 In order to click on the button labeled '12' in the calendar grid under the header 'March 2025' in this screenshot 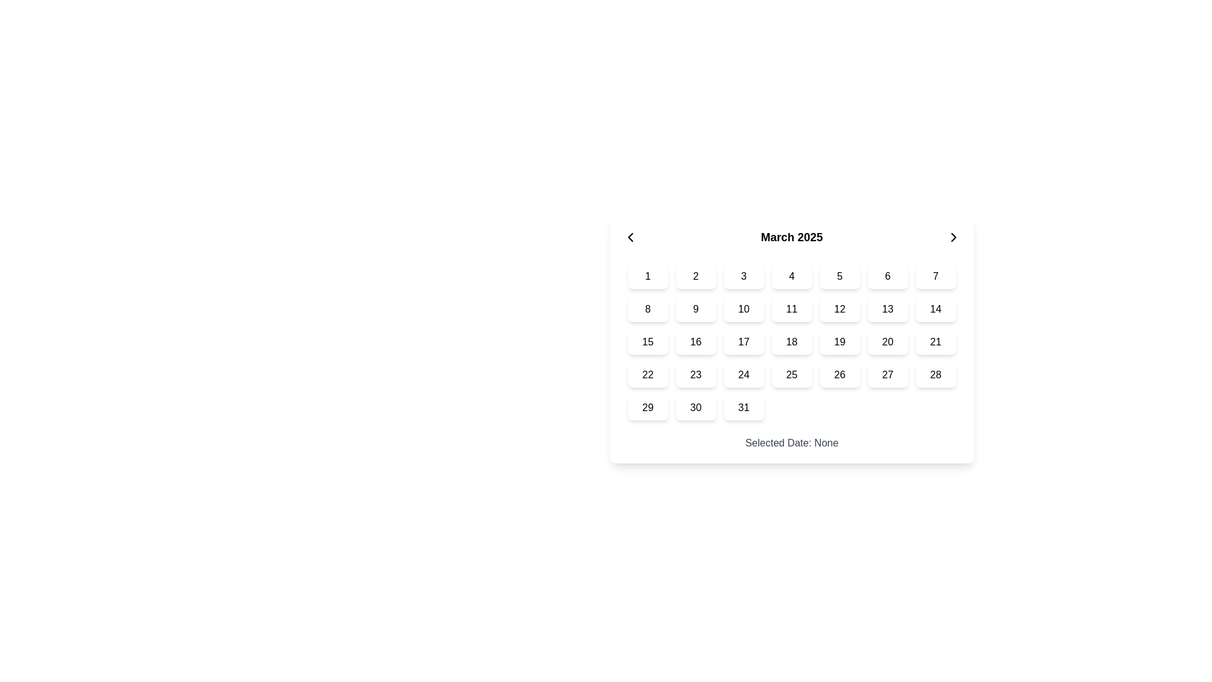, I will do `click(840, 309)`.